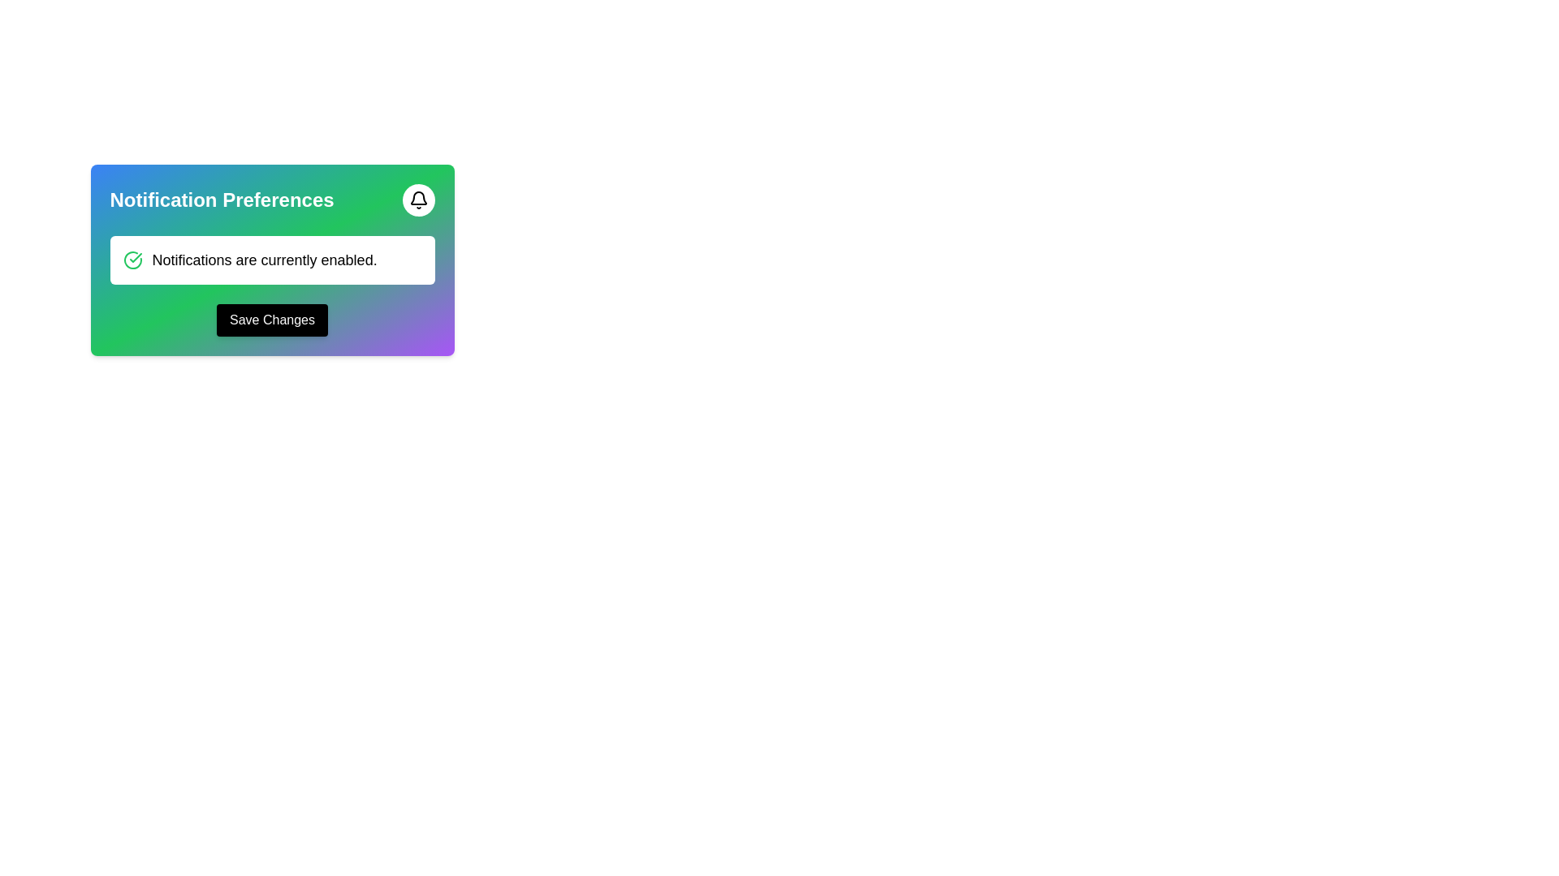 This screenshot has width=1559, height=876. Describe the element at coordinates (418, 199) in the screenshot. I see `the button located on the top right of the 'Notification Preferences' section, adjacent to the text heading 'Notification Preferences' to interact with it` at that location.